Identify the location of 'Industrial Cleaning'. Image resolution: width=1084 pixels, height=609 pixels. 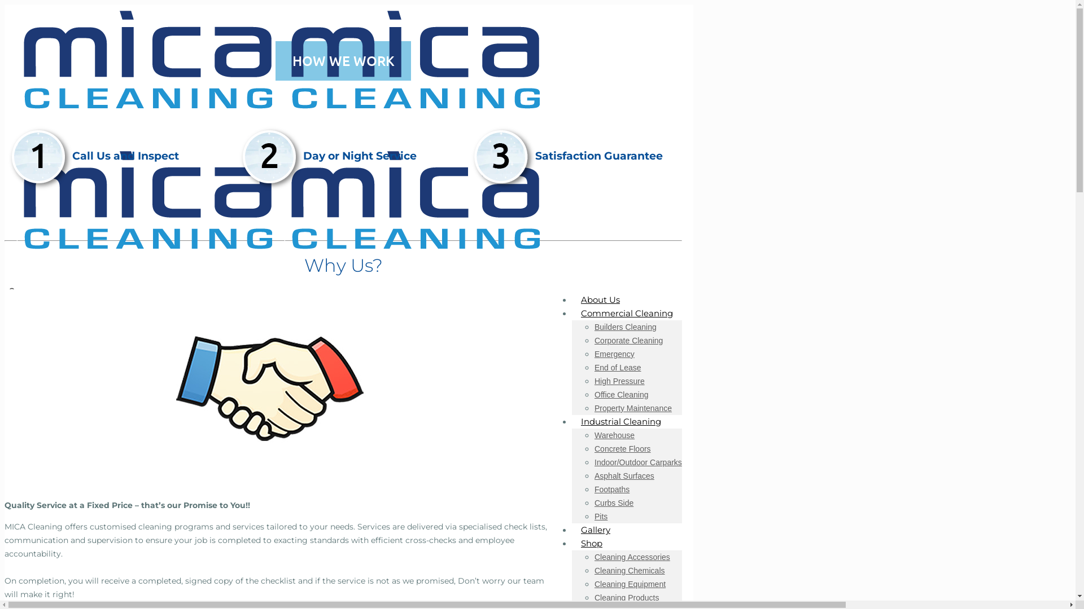
(620, 421).